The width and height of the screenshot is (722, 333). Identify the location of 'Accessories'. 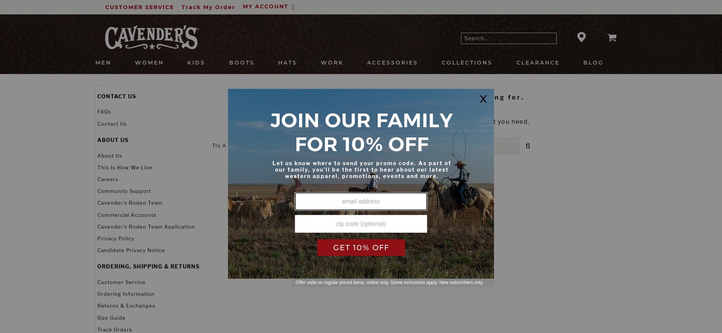
(393, 62).